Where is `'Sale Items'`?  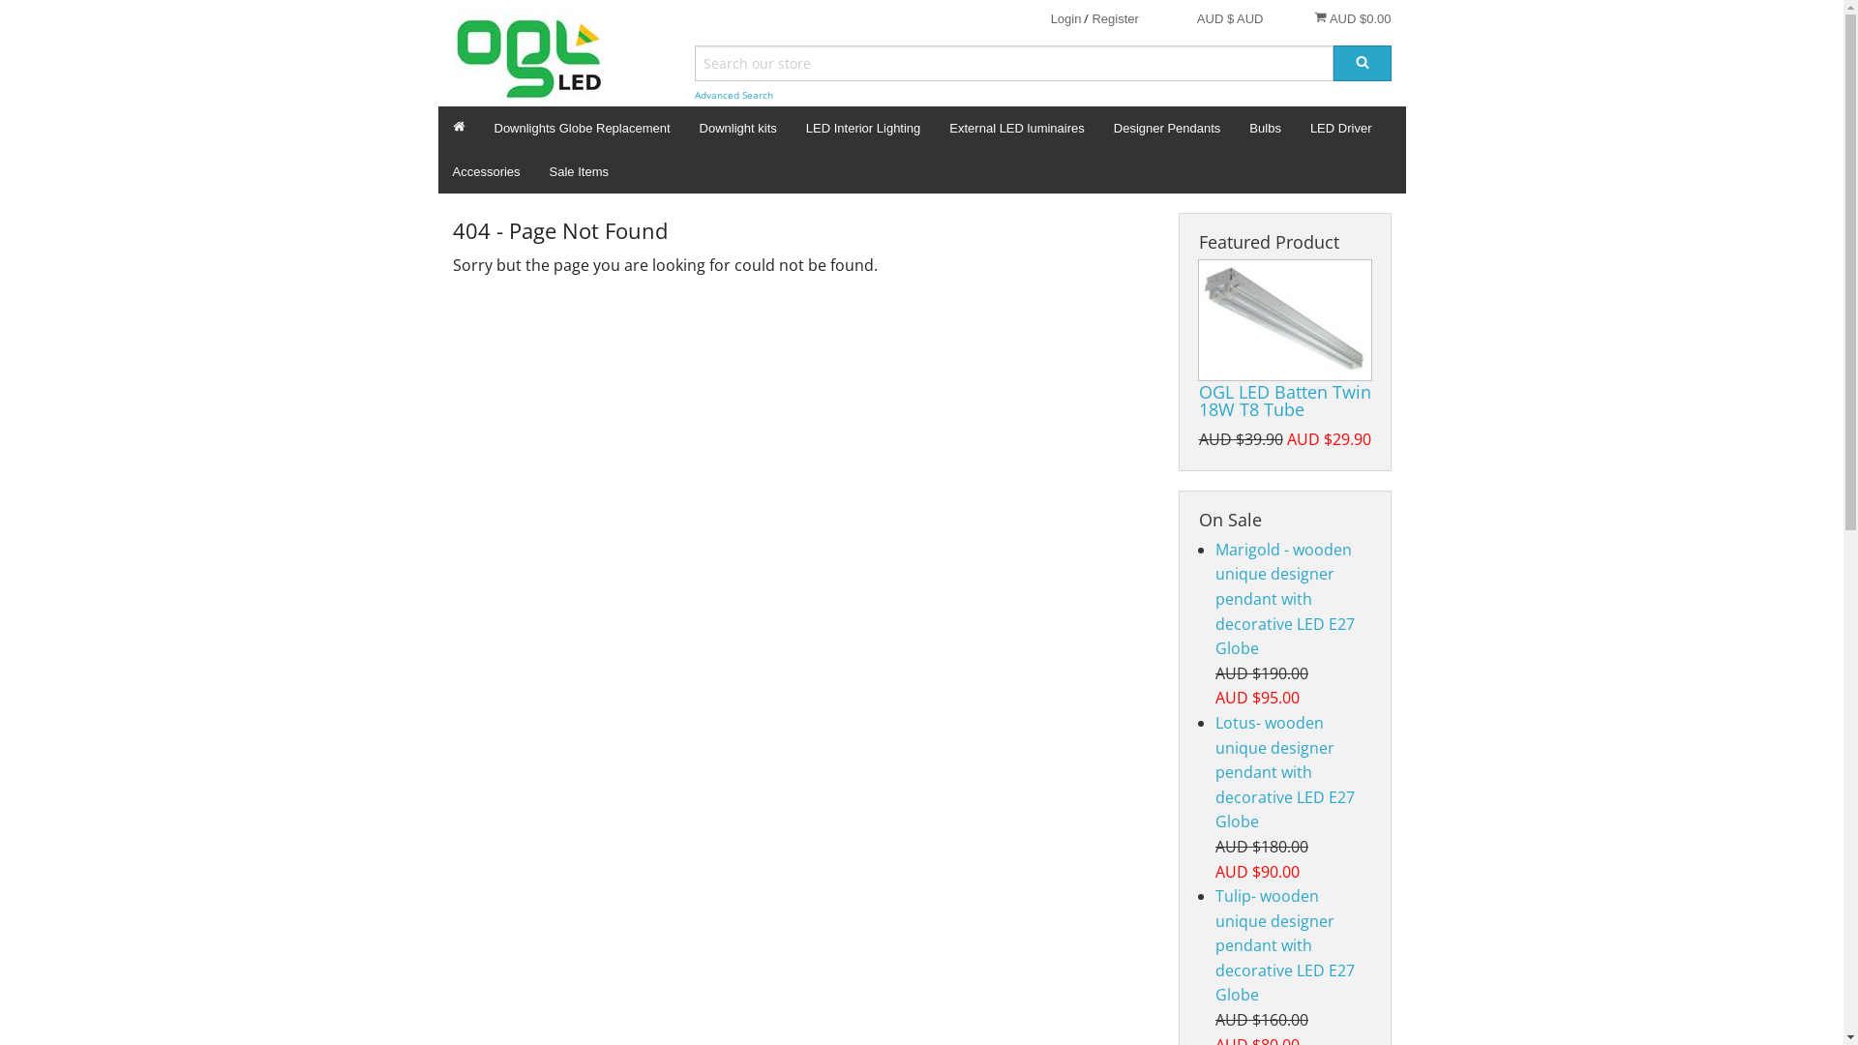 'Sale Items' is located at coordinates (578, 170).